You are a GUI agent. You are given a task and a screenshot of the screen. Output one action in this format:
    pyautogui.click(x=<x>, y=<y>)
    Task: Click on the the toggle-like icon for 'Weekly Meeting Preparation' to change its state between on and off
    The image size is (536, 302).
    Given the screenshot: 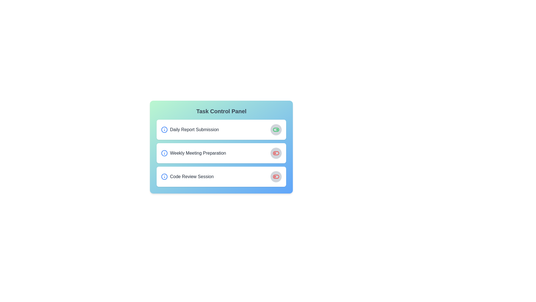 What is the action you would take?
    pyautogui.click(x=276, y=153)
    